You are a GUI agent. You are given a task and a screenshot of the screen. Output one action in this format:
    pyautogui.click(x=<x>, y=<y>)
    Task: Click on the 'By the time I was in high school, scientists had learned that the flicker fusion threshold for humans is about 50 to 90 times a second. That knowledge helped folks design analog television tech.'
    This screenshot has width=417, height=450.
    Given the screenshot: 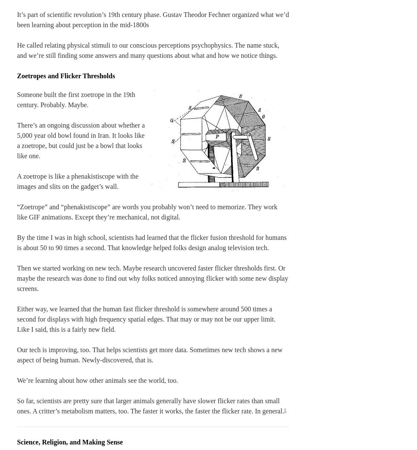 What is the action you would take?
    pyautogui.click(x=151, y=242)
    